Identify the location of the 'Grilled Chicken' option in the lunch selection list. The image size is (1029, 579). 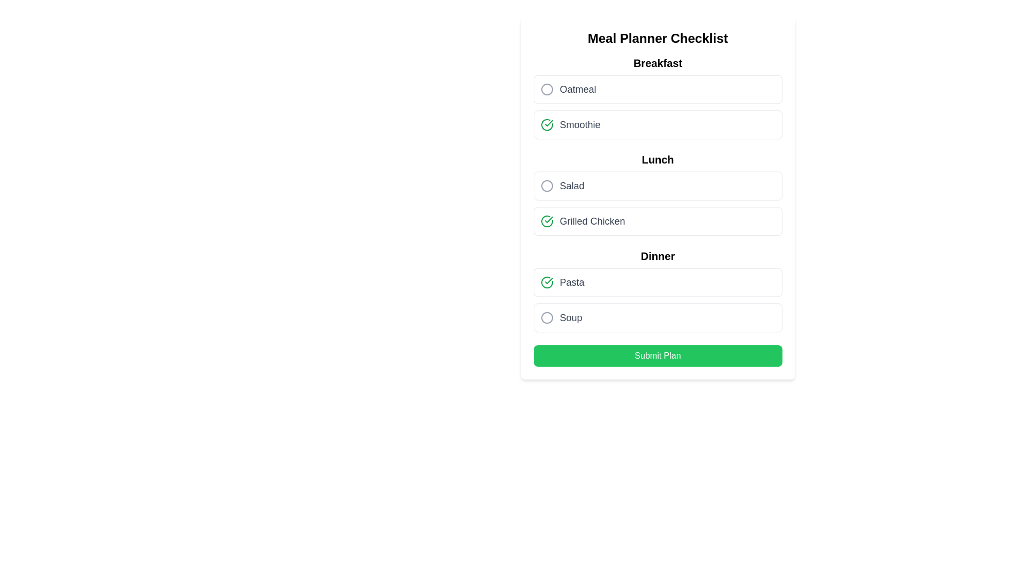
(657, 204).